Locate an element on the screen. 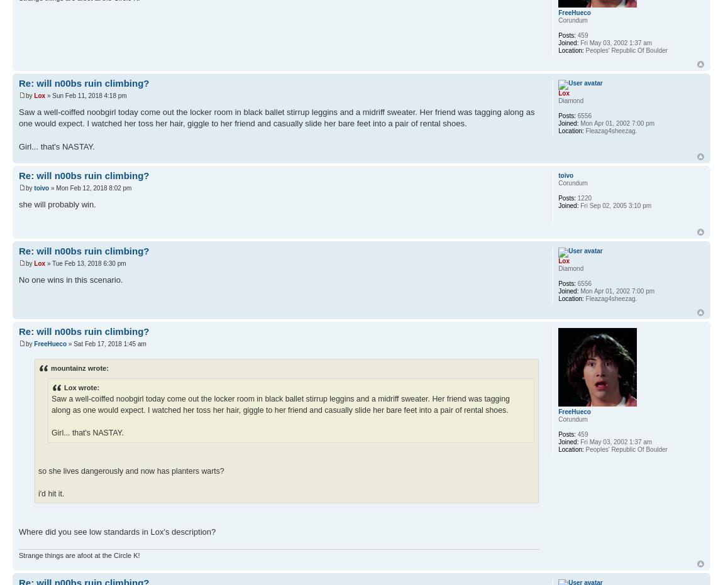 This screenshot has height=585, width=723. '1220' is located at coordinates (583, 197).